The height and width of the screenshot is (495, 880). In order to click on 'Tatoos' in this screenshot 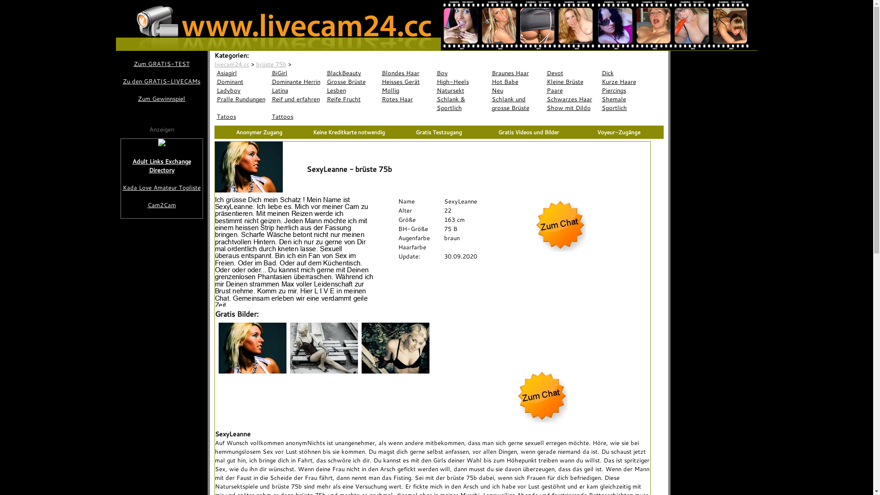, I will do `click(242, 116)`.